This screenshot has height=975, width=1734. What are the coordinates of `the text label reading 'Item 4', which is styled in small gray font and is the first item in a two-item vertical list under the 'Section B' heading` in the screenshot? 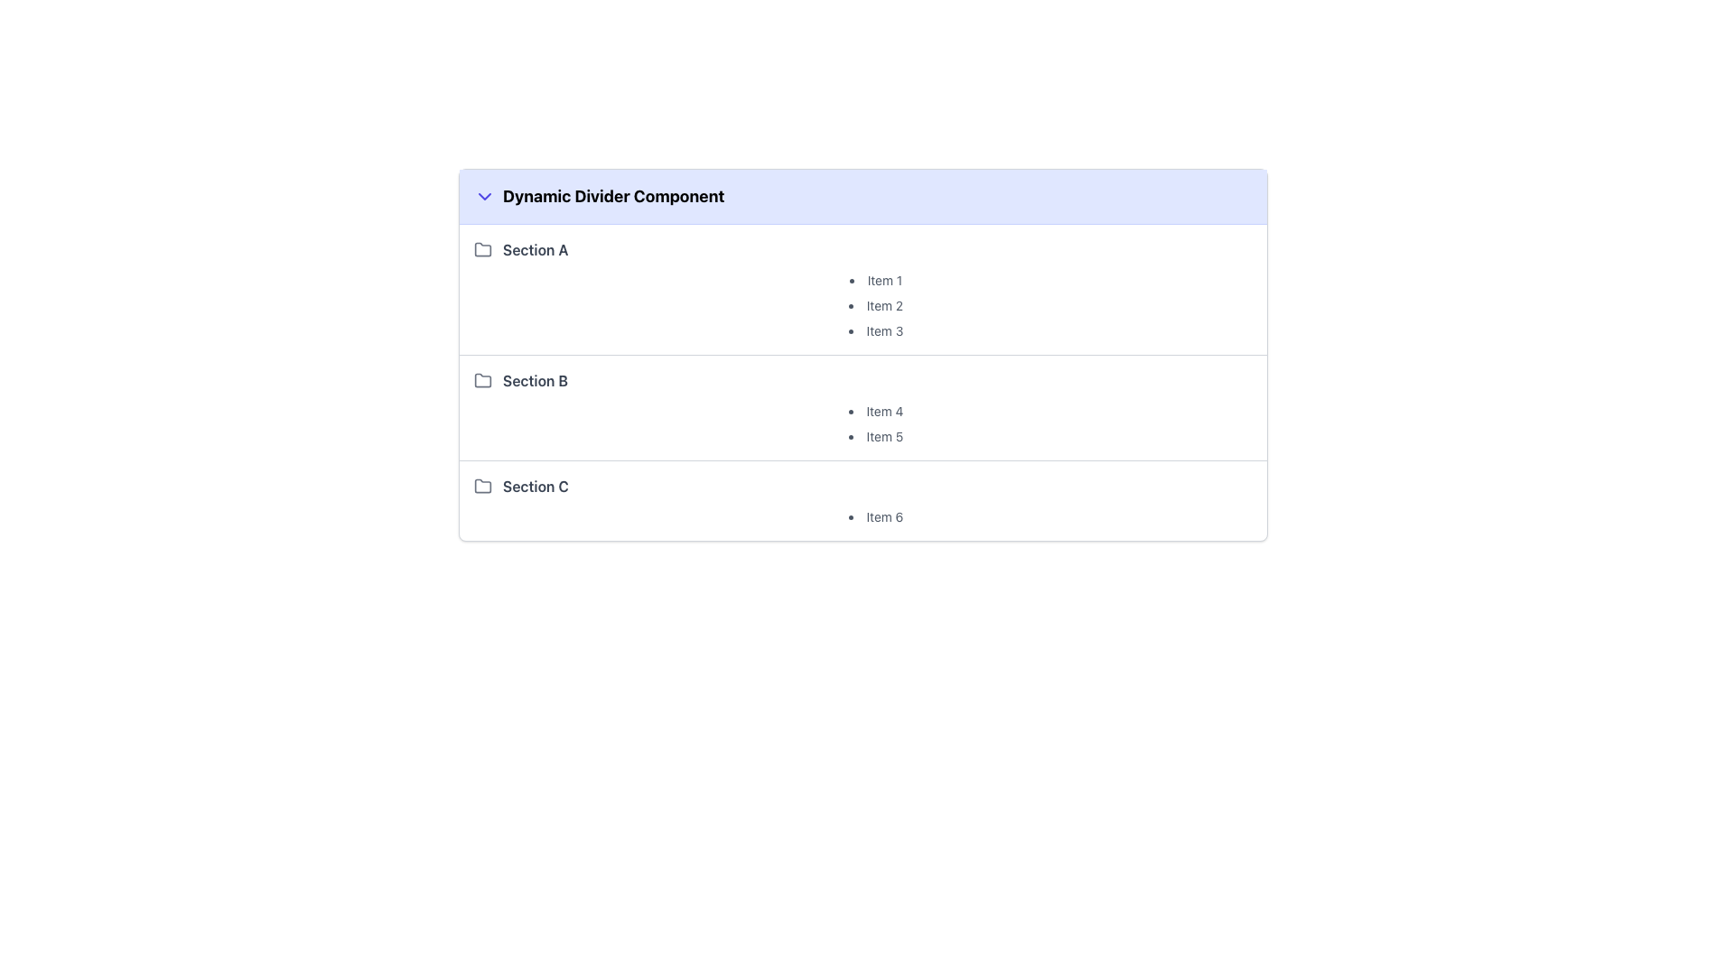 It's located at (875, 411).